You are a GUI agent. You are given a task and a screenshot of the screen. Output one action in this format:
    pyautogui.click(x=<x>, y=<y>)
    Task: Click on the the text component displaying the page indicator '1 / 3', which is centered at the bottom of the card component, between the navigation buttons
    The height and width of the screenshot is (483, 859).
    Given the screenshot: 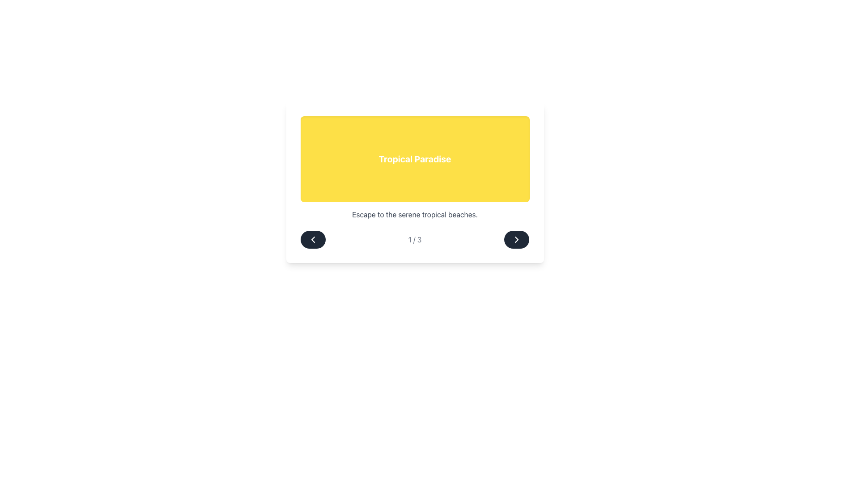 What is the action you would take?
    pyautogui.click(x=414, y=239)
    